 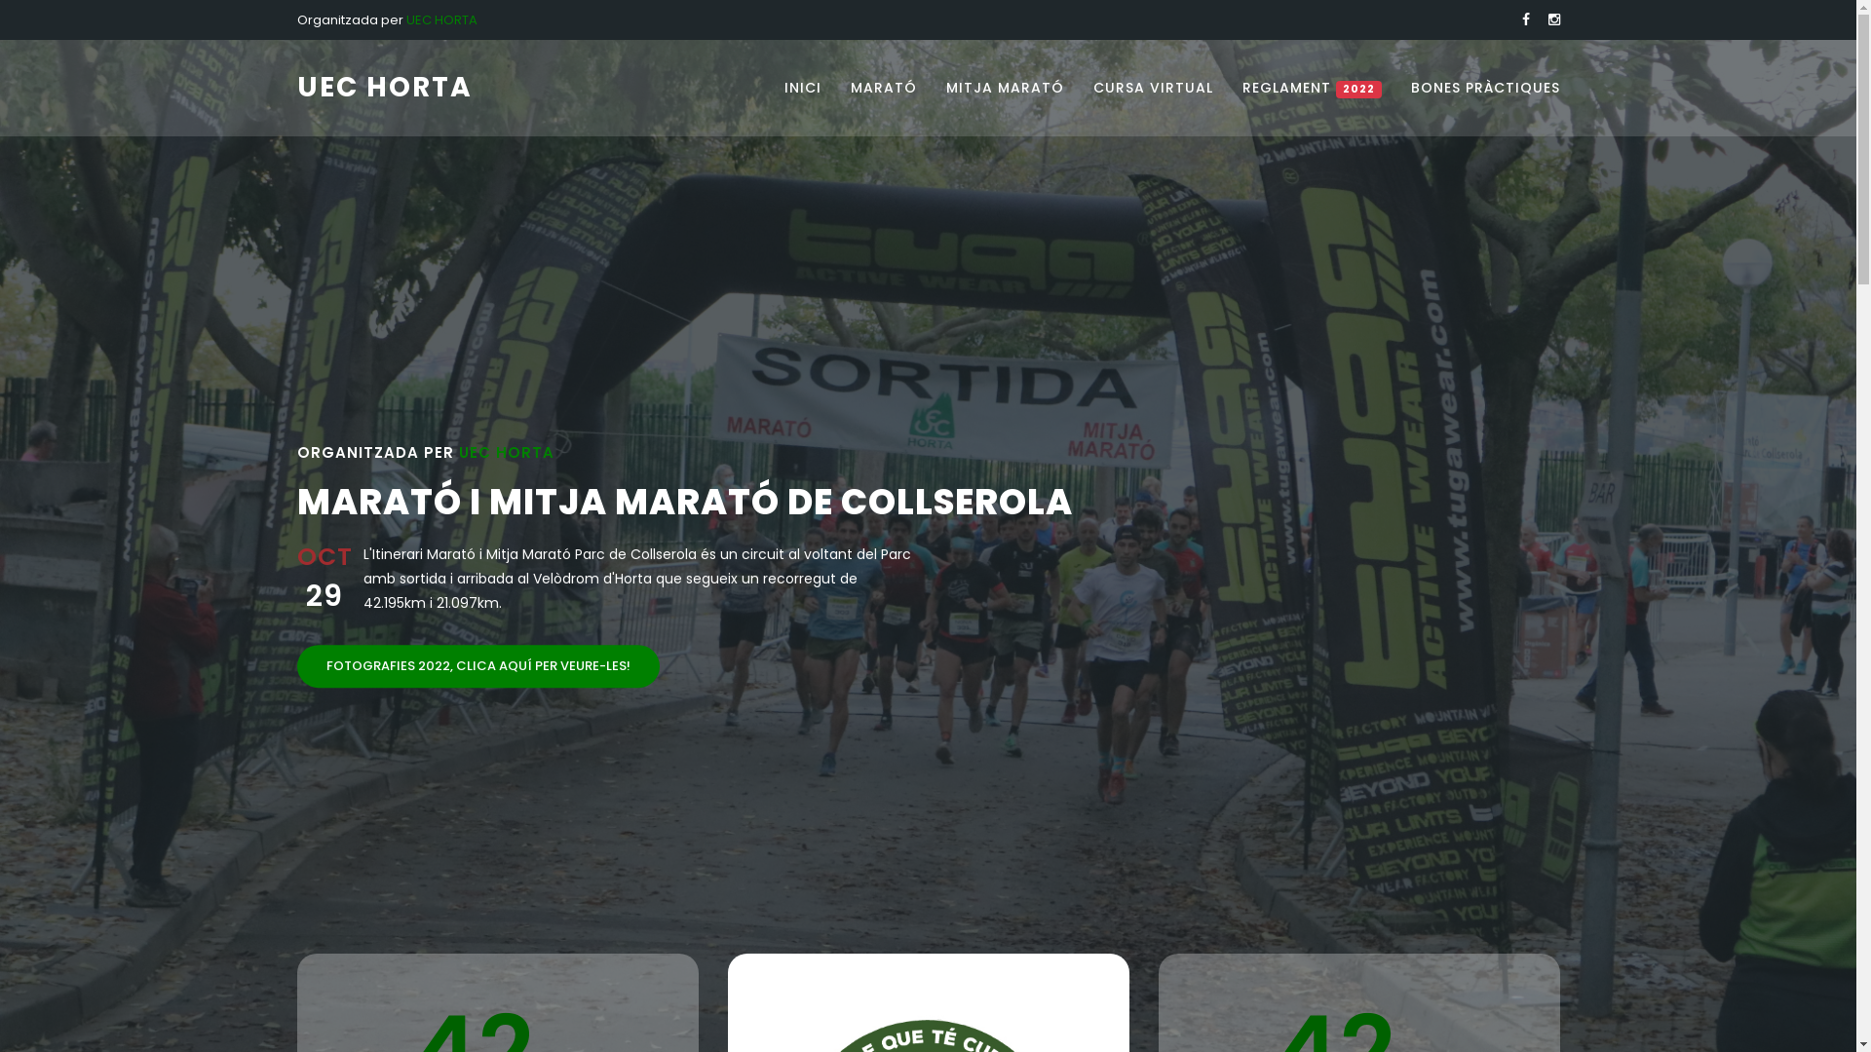 What do you see at coordinates (457, 452) in the screenshot?
I see `'UEC HORTA'` at bounding box center [457, 452].